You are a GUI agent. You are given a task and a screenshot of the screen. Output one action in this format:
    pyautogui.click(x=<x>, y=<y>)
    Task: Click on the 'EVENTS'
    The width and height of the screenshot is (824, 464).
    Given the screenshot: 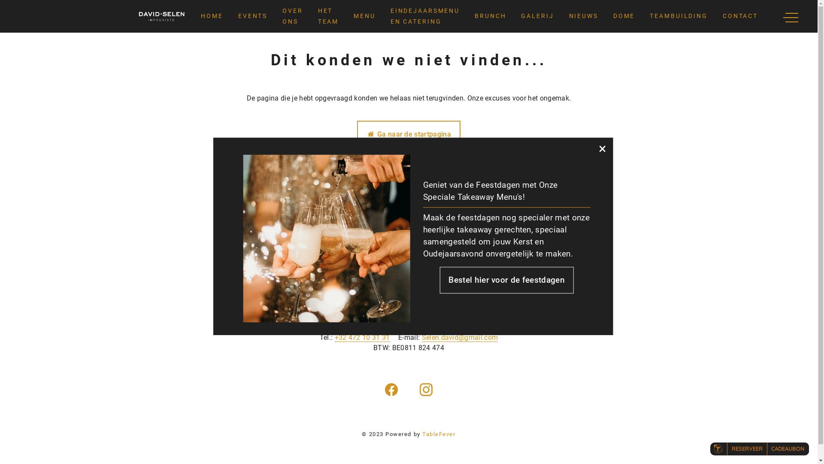 What is the action you would take?
    pyautogui.click(x=252, y=16)
    